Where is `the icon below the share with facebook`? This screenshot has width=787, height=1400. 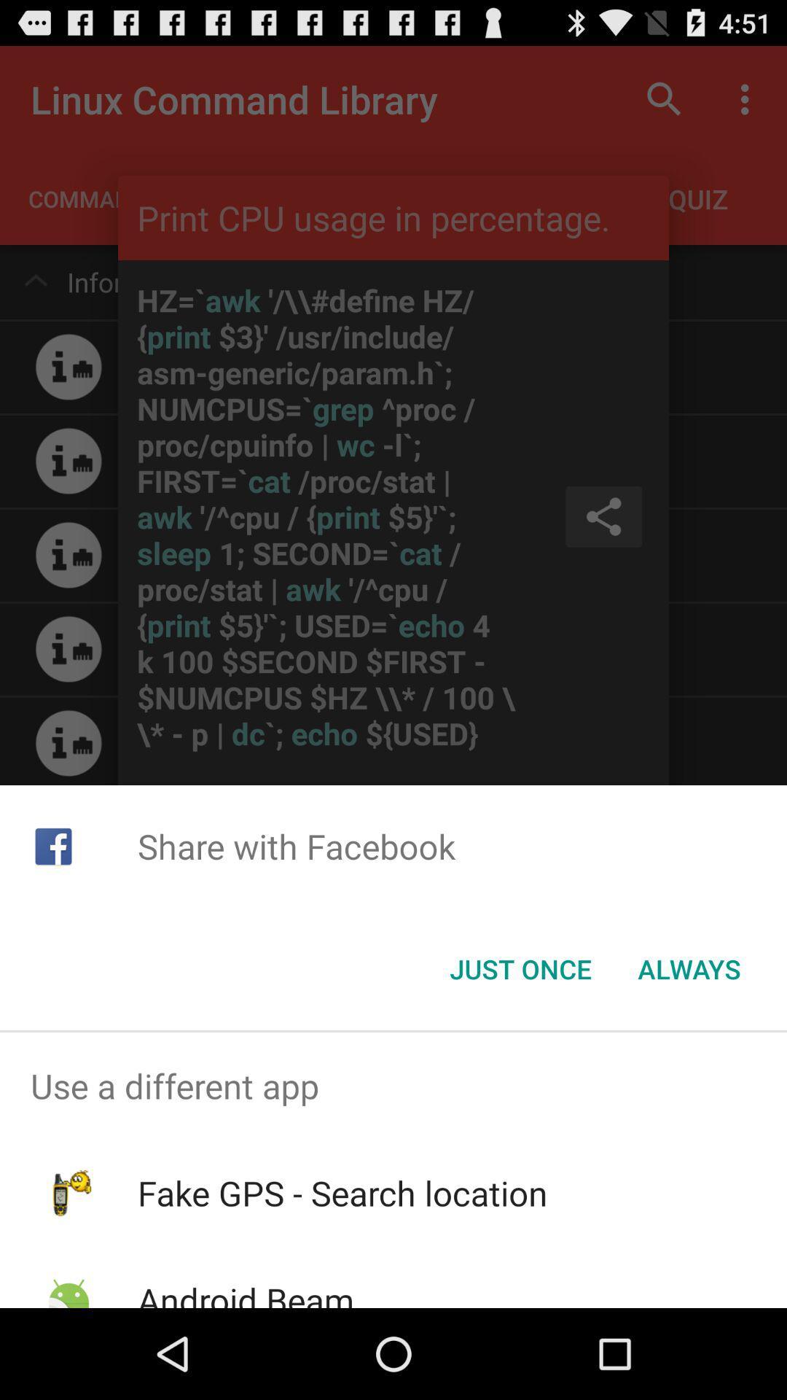
the icon below the share with facebook is located at coordinates (520, 969).